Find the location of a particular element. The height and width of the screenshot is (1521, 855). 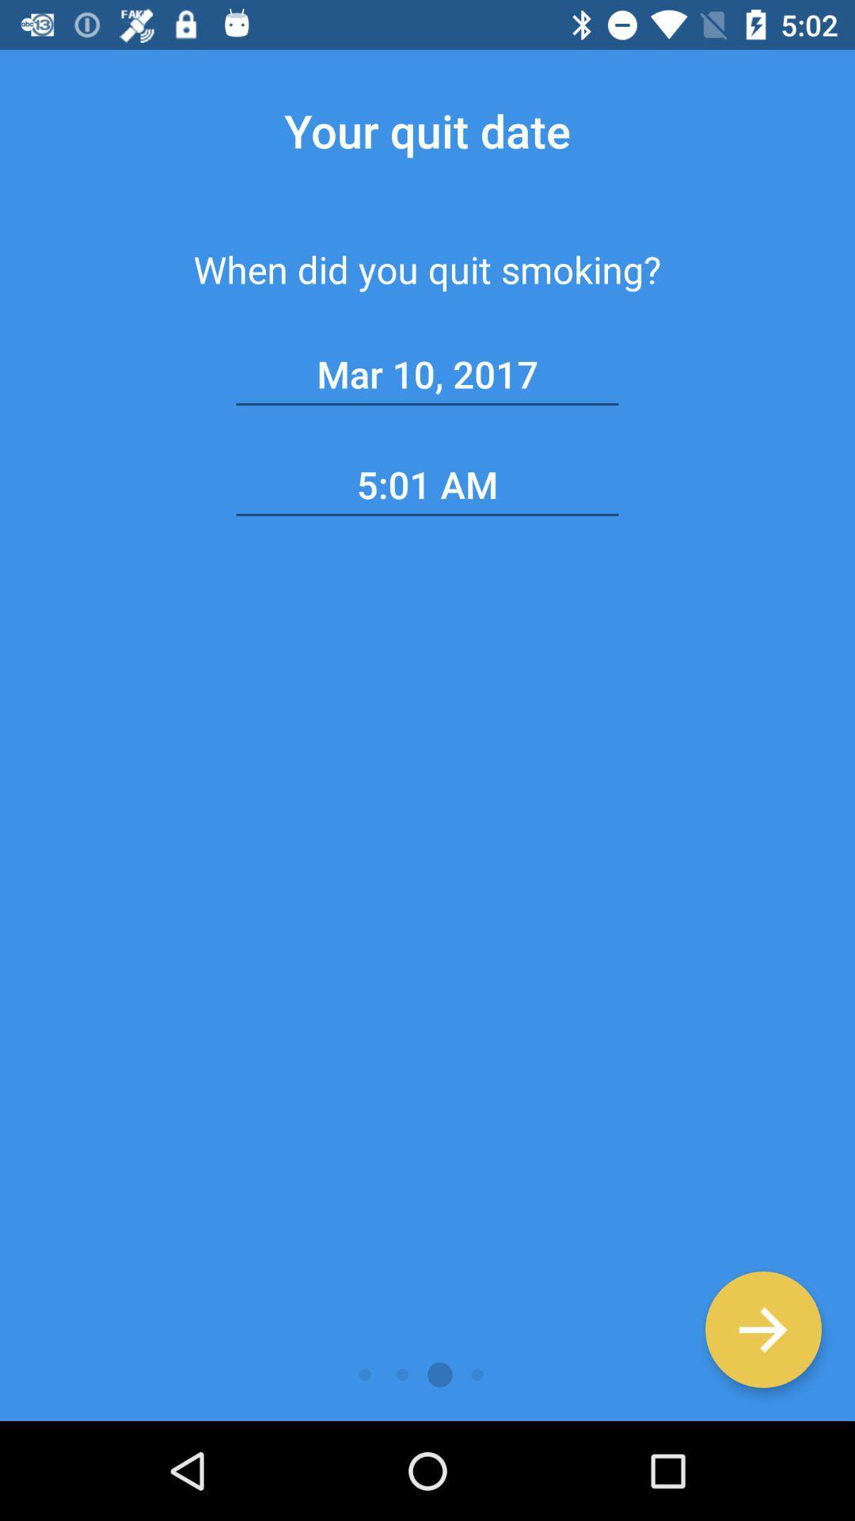

5:01 am item is located at coordinates (427, 484).